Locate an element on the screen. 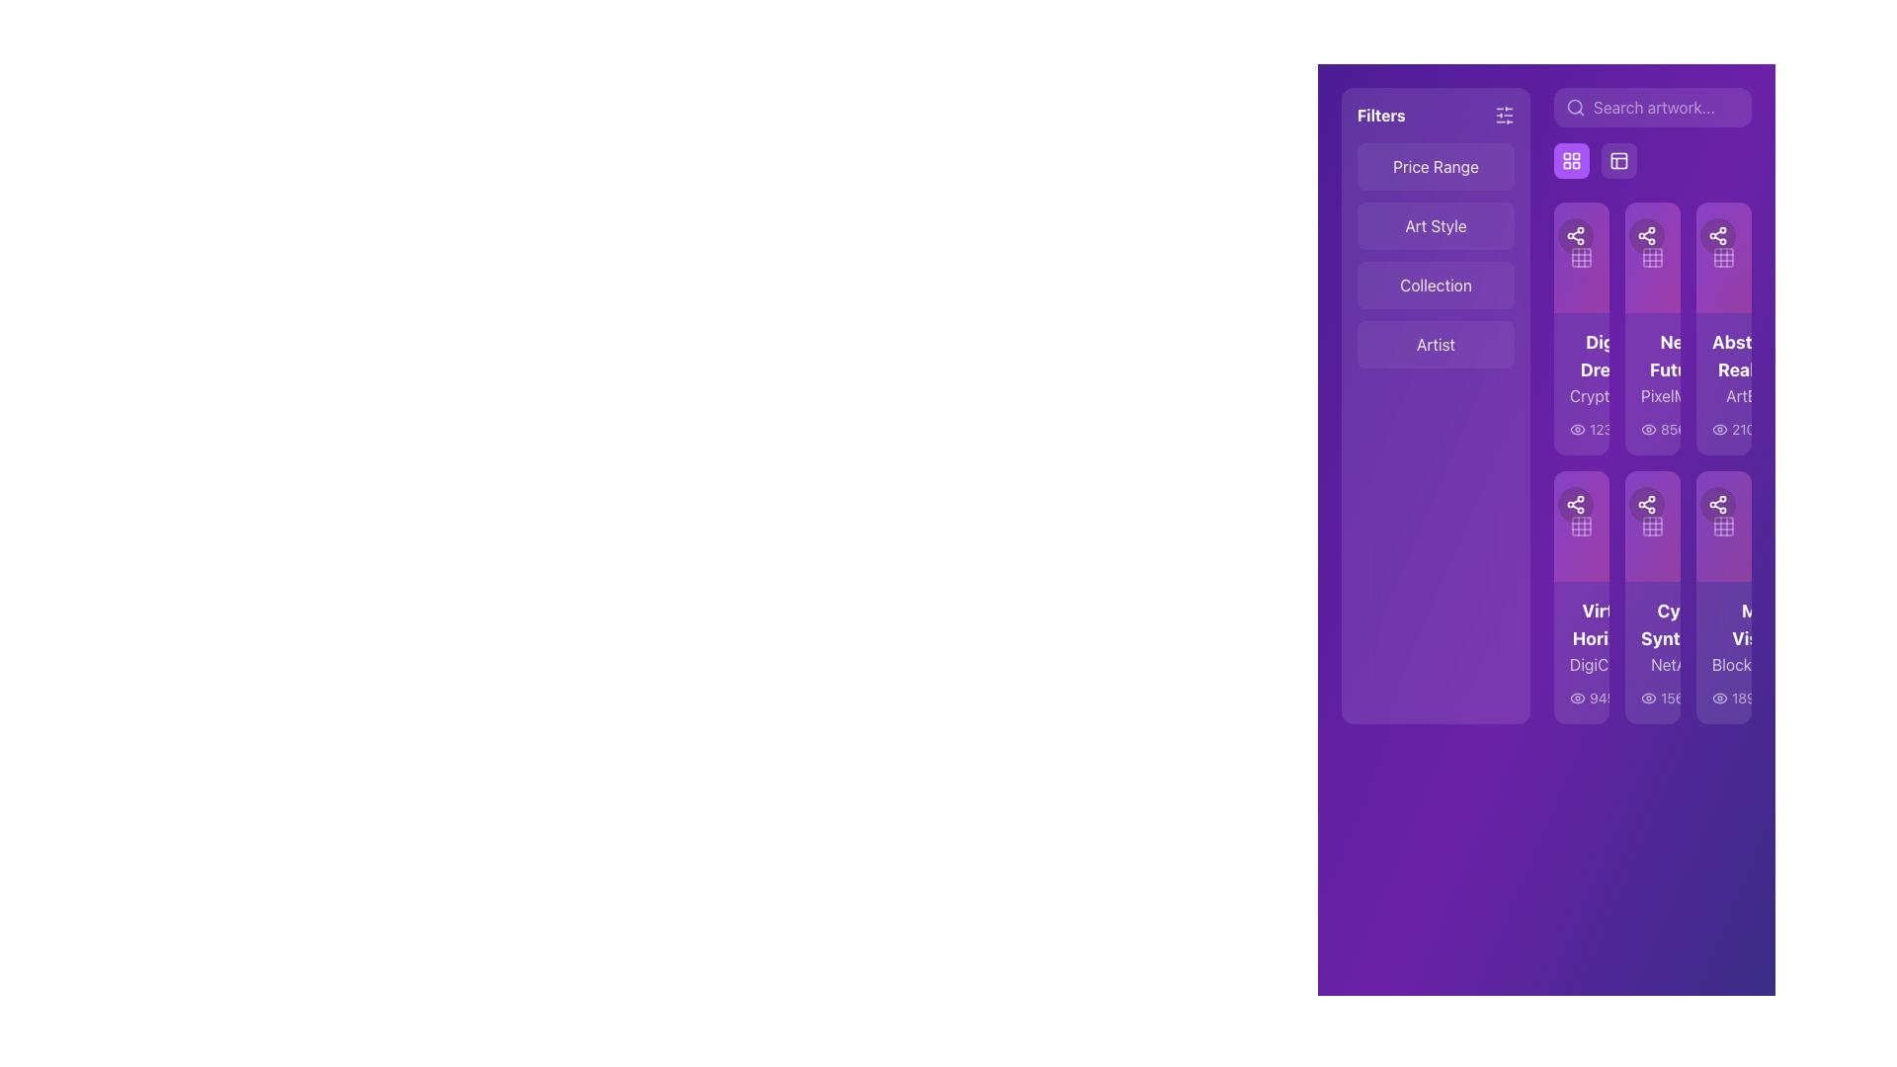 The height and width of the screenshot is (1067, 1897). the sharing icon button located at the top-right corner of the card, which allows users to share associated content is located at coordinates (1716, 503).